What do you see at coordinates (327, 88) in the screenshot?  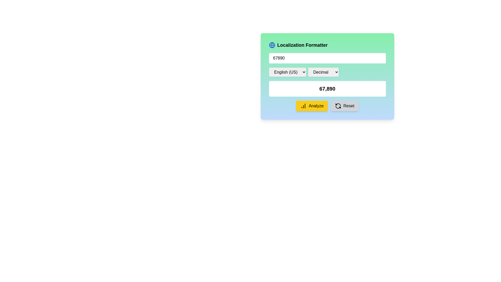 I see `the Text Display that shows the formatted numerical value, located below the dropdown selection buttons labeled 'English (US)' and 'Decimal', and above the buttons 'Analyze' and 'Reset'` at bounding box center [327, 88].